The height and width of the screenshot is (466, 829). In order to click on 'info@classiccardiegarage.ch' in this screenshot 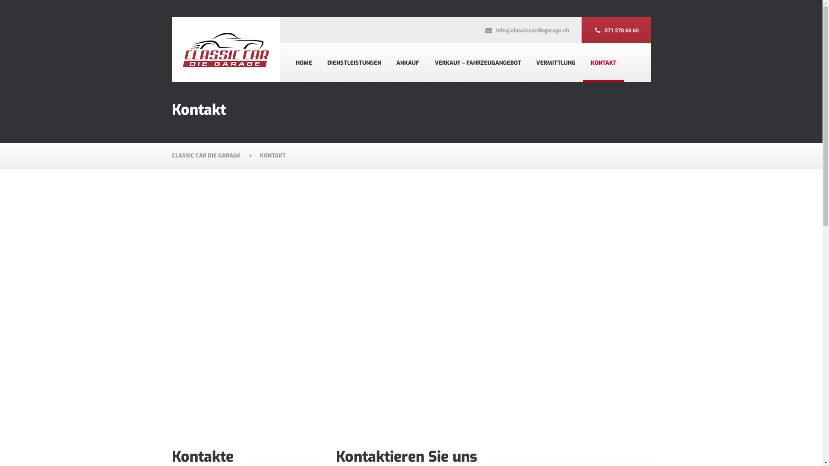, I will do `click(526, 29)`.